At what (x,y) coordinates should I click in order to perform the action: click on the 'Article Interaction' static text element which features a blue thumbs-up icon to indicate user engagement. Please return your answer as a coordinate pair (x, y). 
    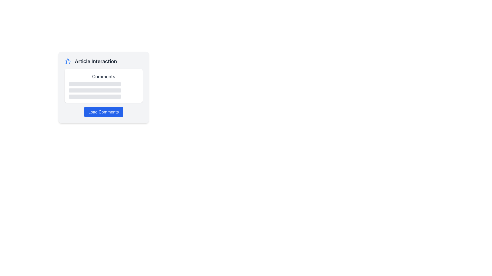
    Looking at the image, I should click on (103, 61).